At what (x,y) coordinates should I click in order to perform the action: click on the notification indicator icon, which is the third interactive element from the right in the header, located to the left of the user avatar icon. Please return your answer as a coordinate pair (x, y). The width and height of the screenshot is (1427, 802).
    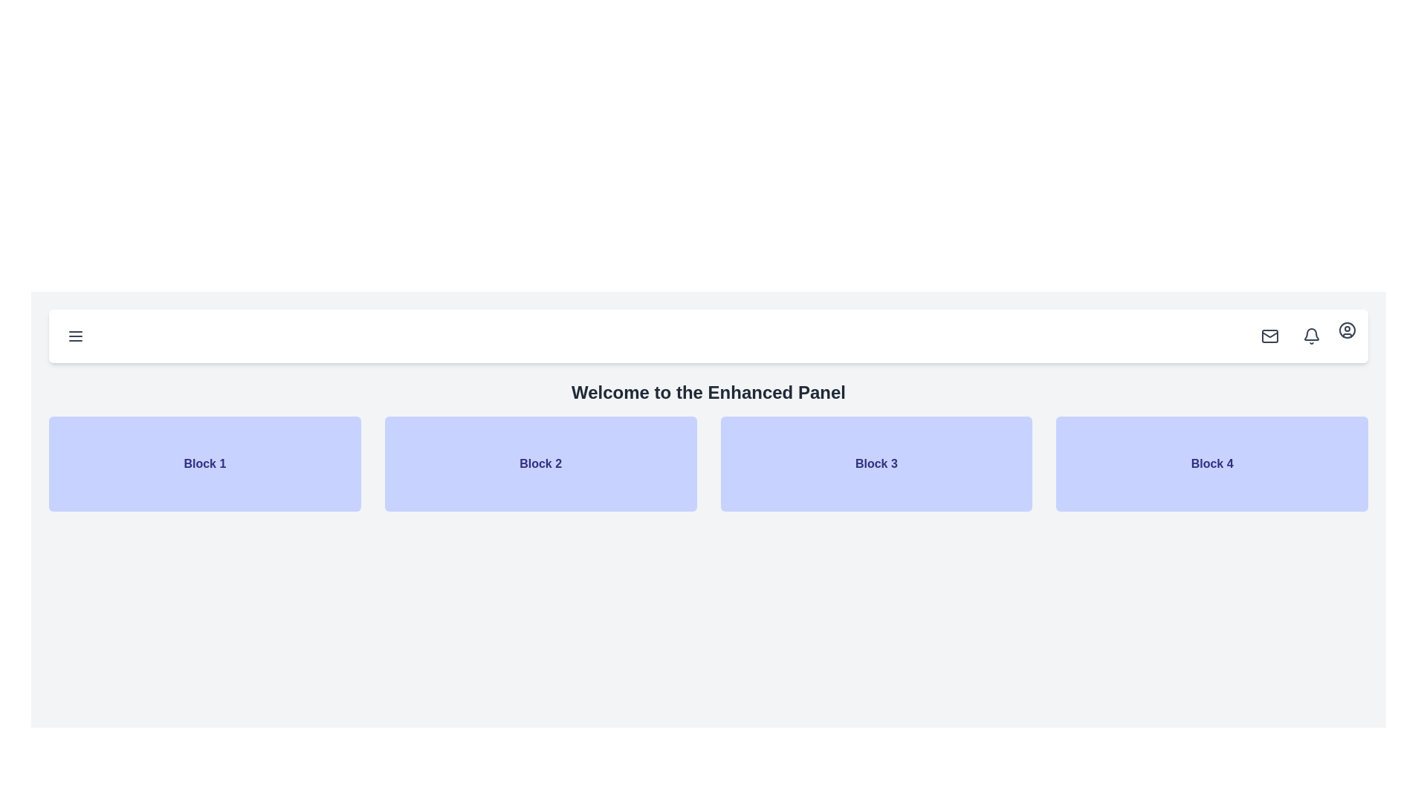
    Looking at the image, I should click on (1312, 336).